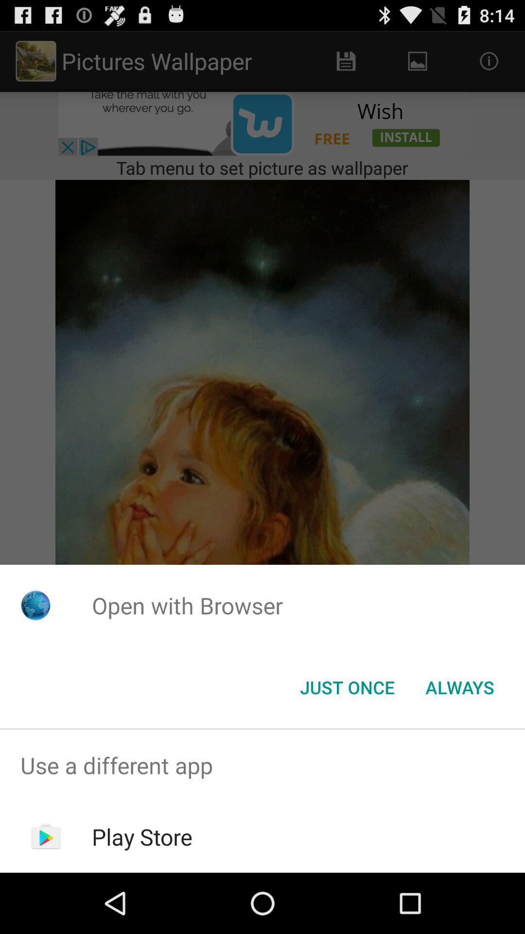 Image resolution: width=525 pixels, height=934 pixels. Describe the element at coordinates (142, 836) in the screenshot. I see `play store icon` at that location.